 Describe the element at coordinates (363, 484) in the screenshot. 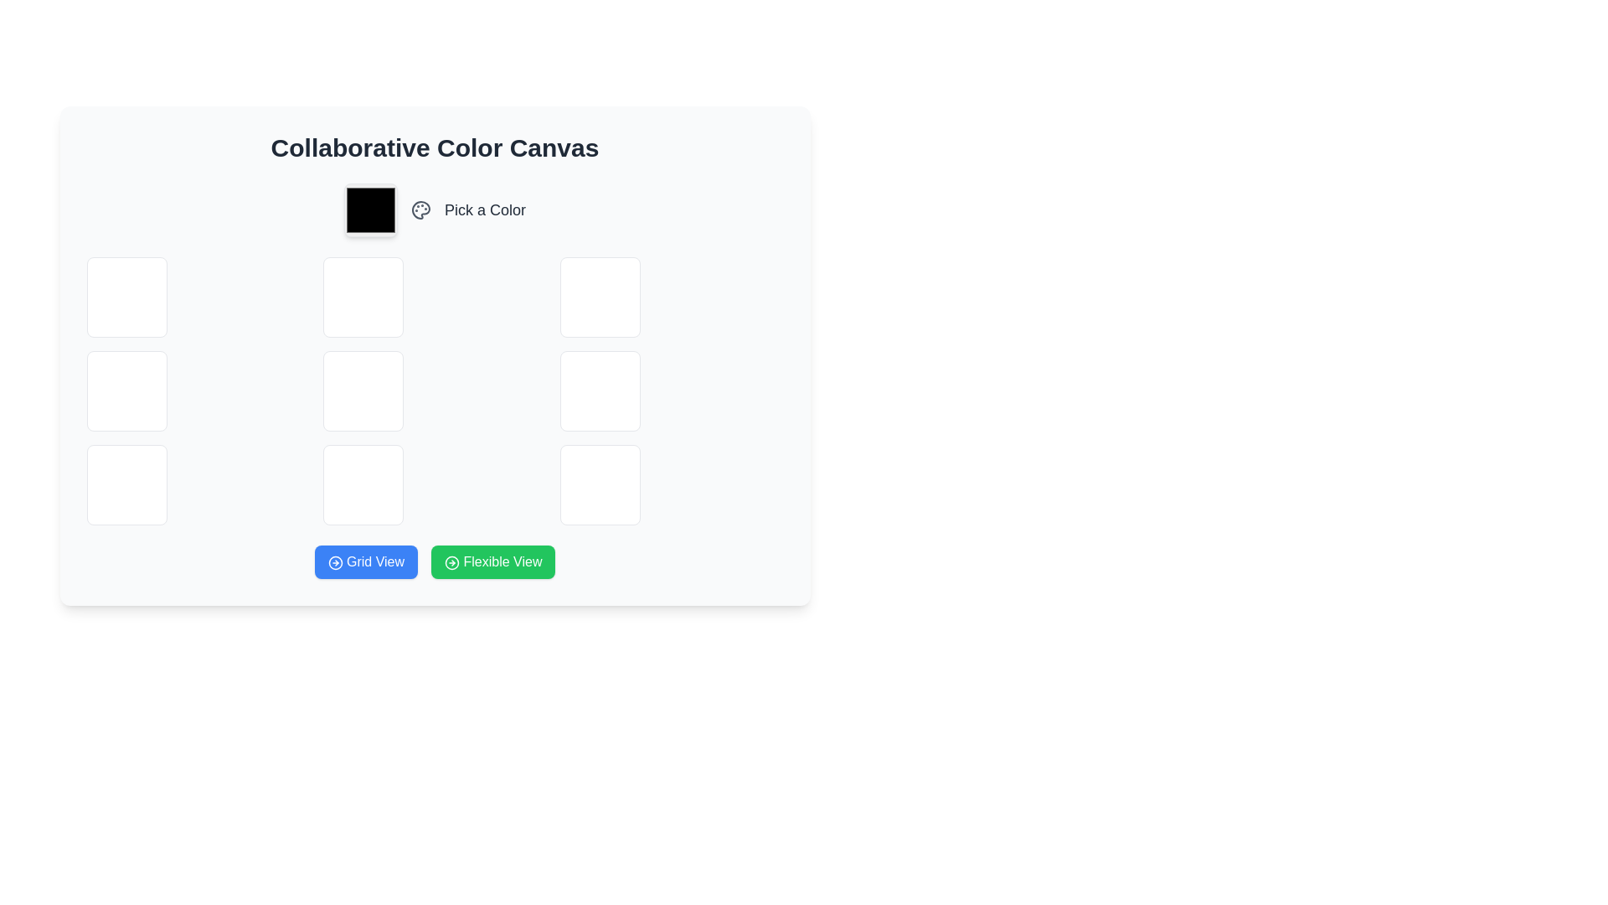

I see `the center box in the last row of a grid layout, which is the interactive box used for selection or color arrangement` at that location.